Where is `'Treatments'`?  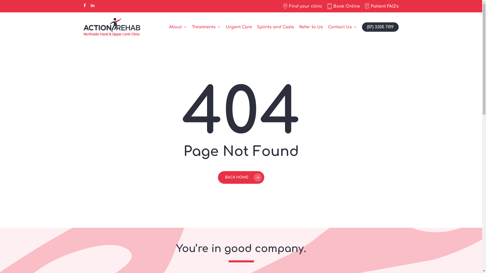
'Treatments' is located at coordinates (206, 27).